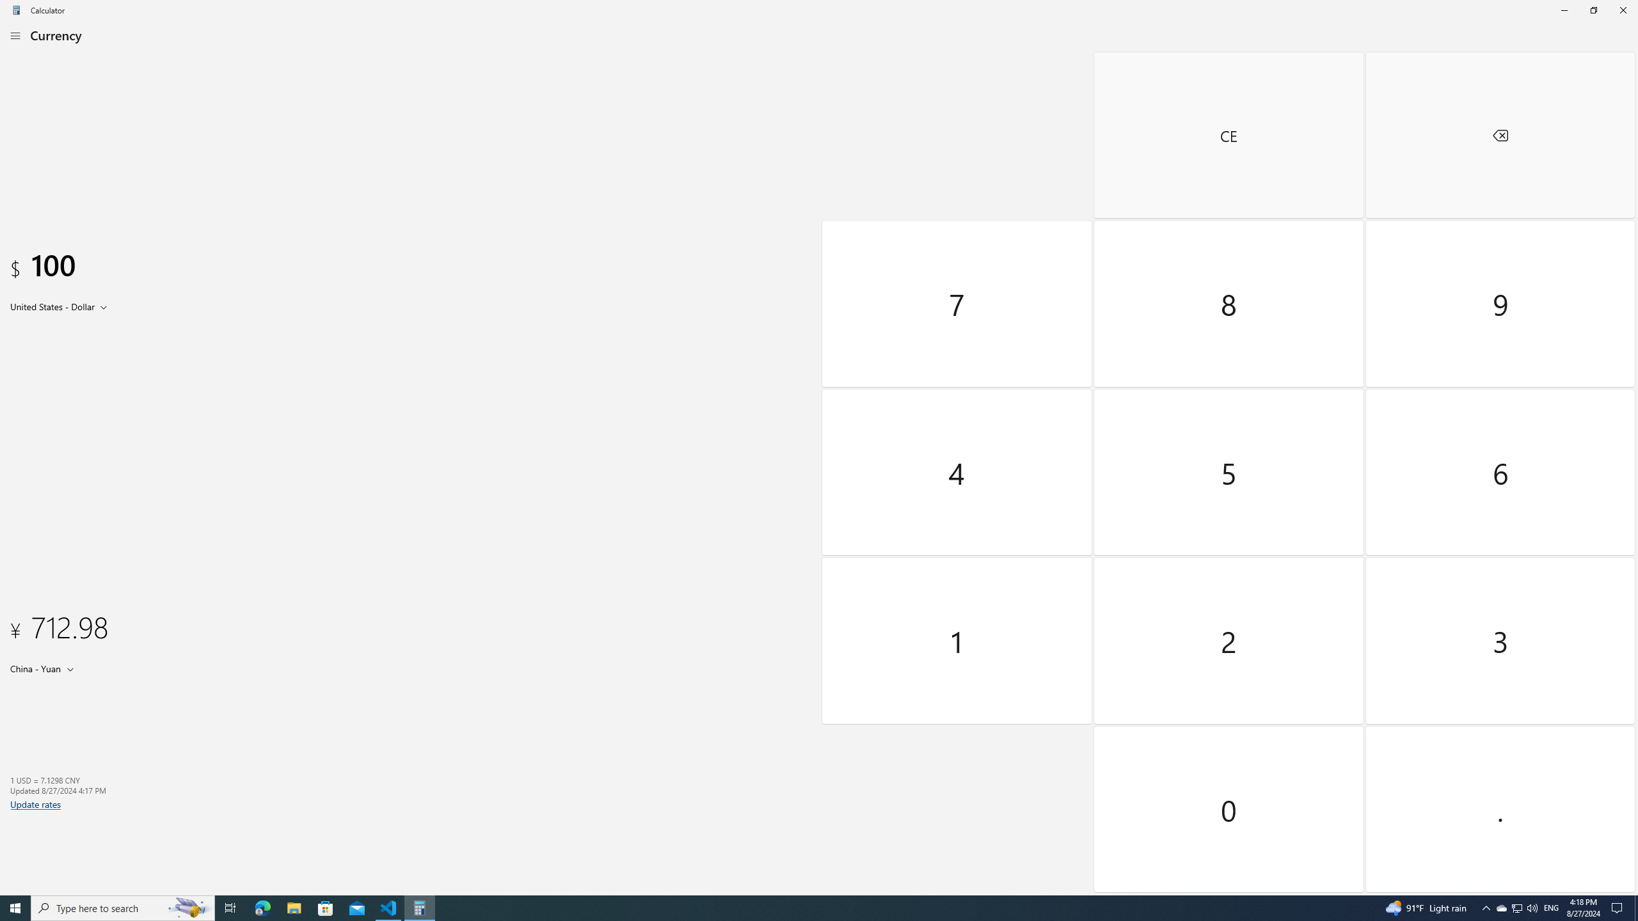 This screenshot has height=921, width=1638. I want to click on 'Input unit', so click(61, 306).